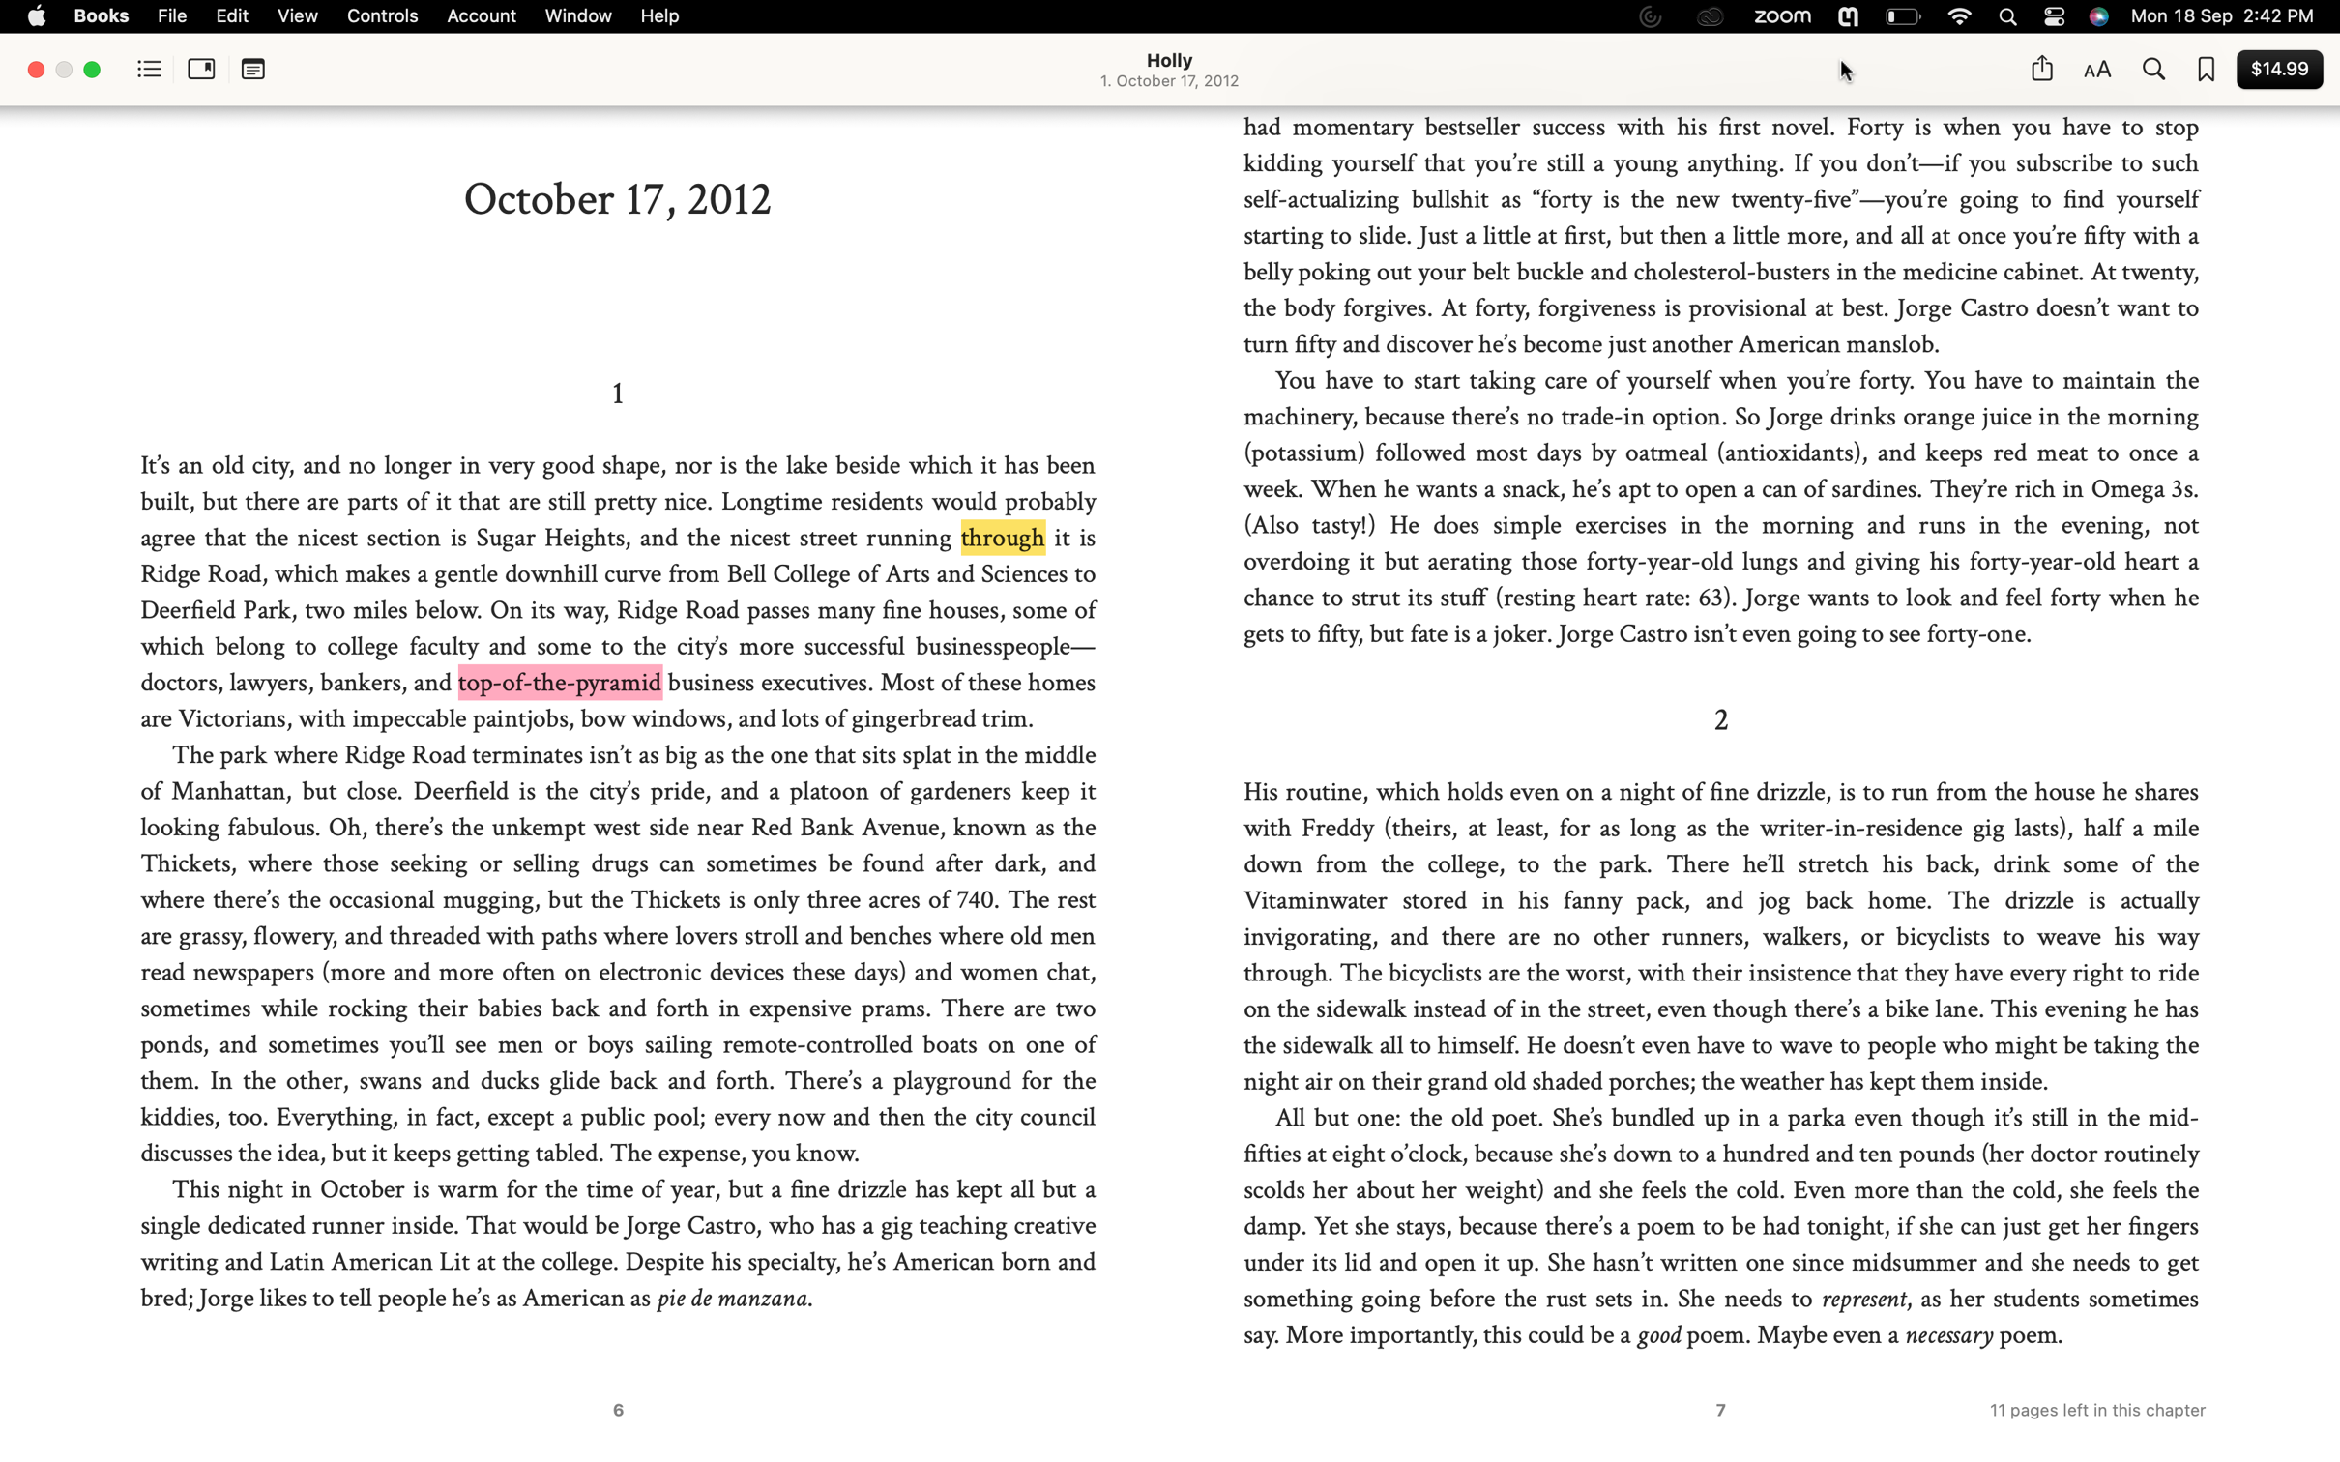 This screenshot has height=1462, width=2340. Describe the element at coordinates (2151, 71) in the screenshot. I see `Determine the instances of the term "angry" in the digital book` at that location.